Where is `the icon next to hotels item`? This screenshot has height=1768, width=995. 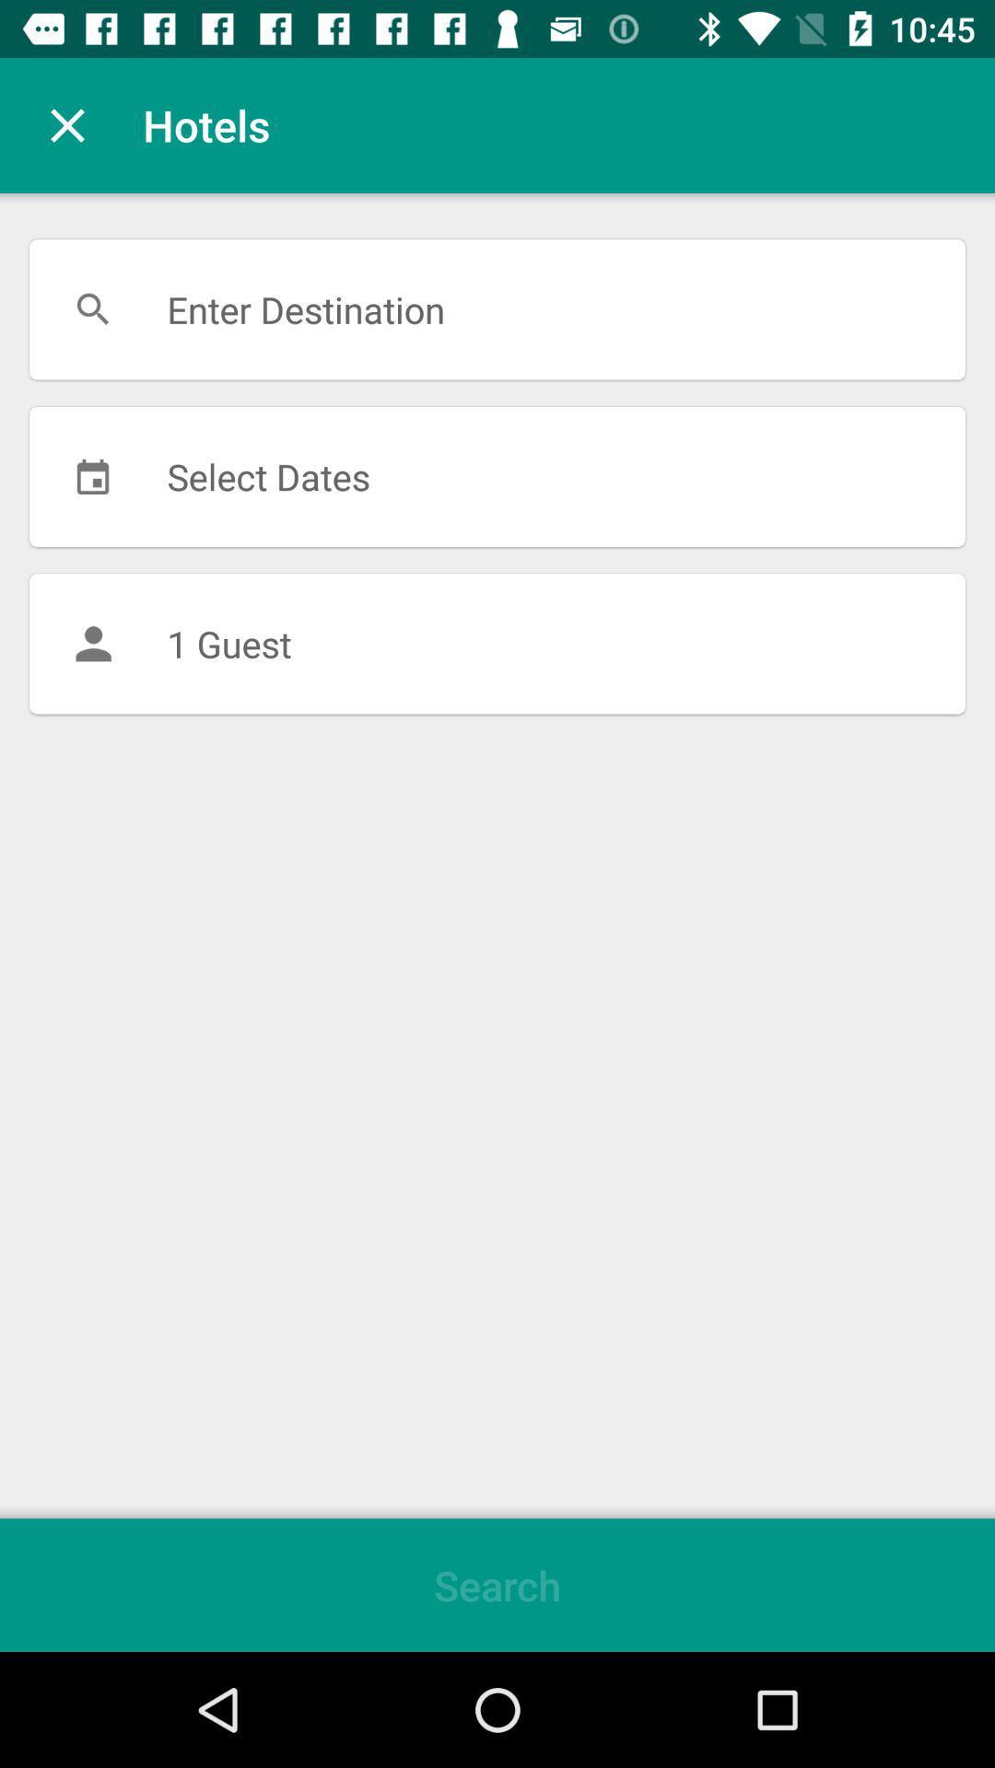 the icon next to hotels item is located at coordinates (66, 124).